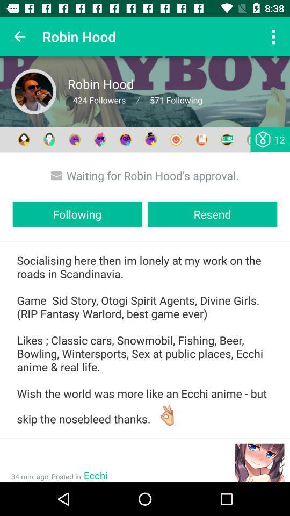 This screenshot has height=516, width=290. What do you see at coordinates (24, 139) in the screenshot?
I see `the first icon which comes after 571 following` at bounding box center [24, 139].